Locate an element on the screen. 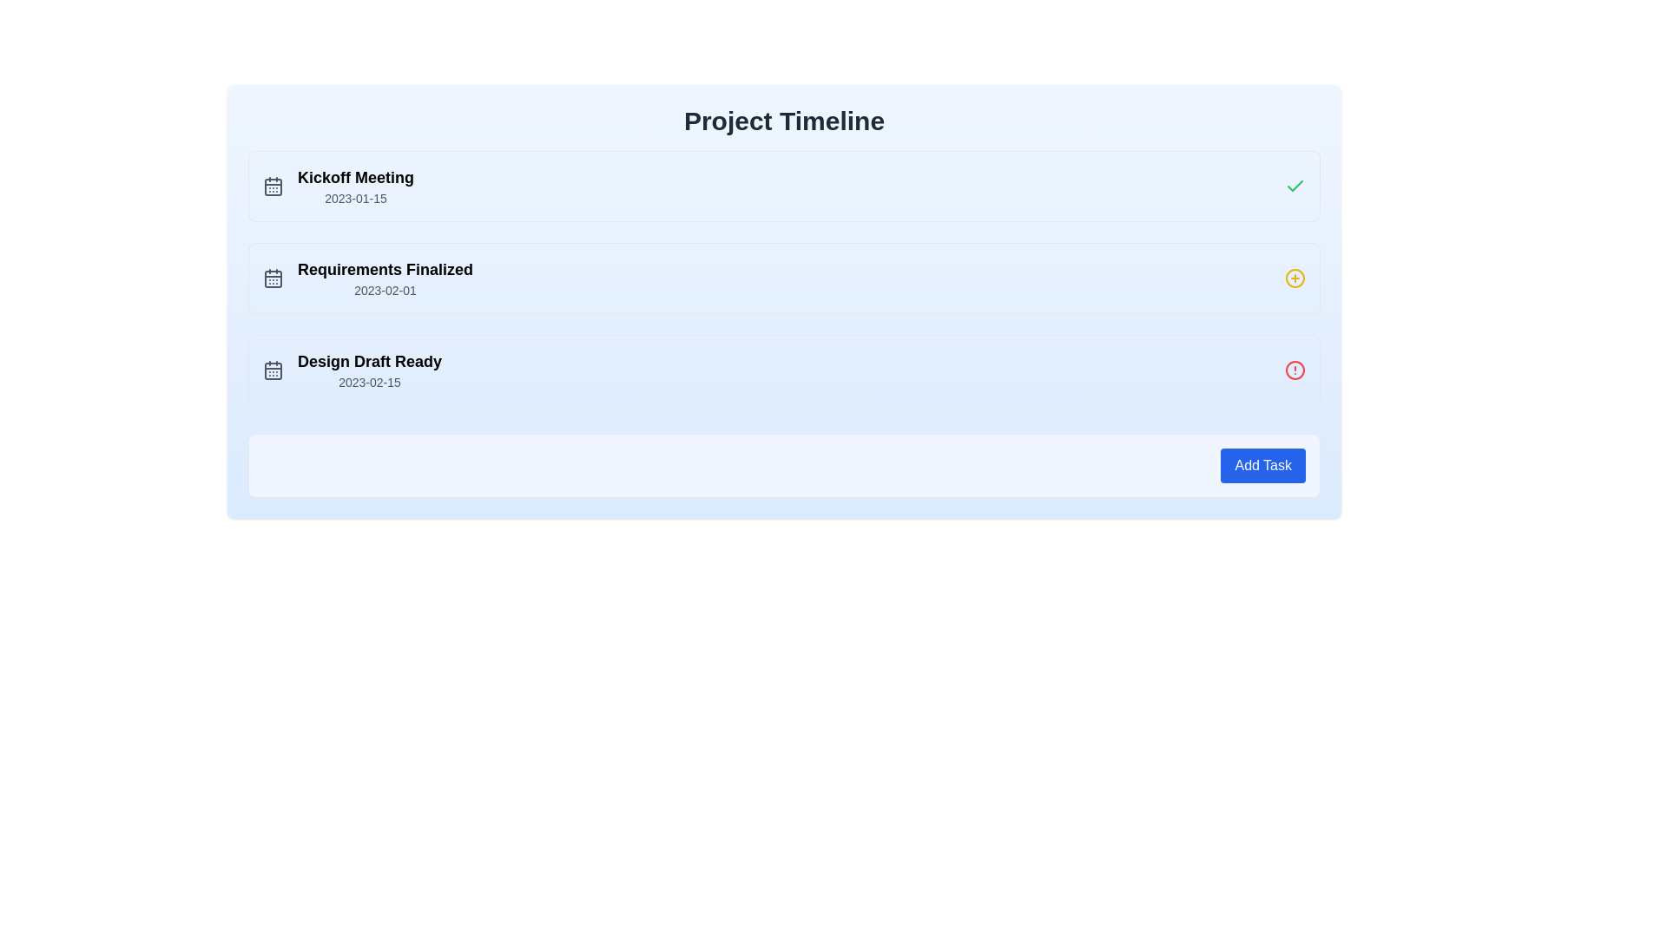  the SVG rectangle element that represents an internal part of the calendar icon located to the left of the text 'Requirements Finalized' in the timeline list is located at coordinates (273, 278).